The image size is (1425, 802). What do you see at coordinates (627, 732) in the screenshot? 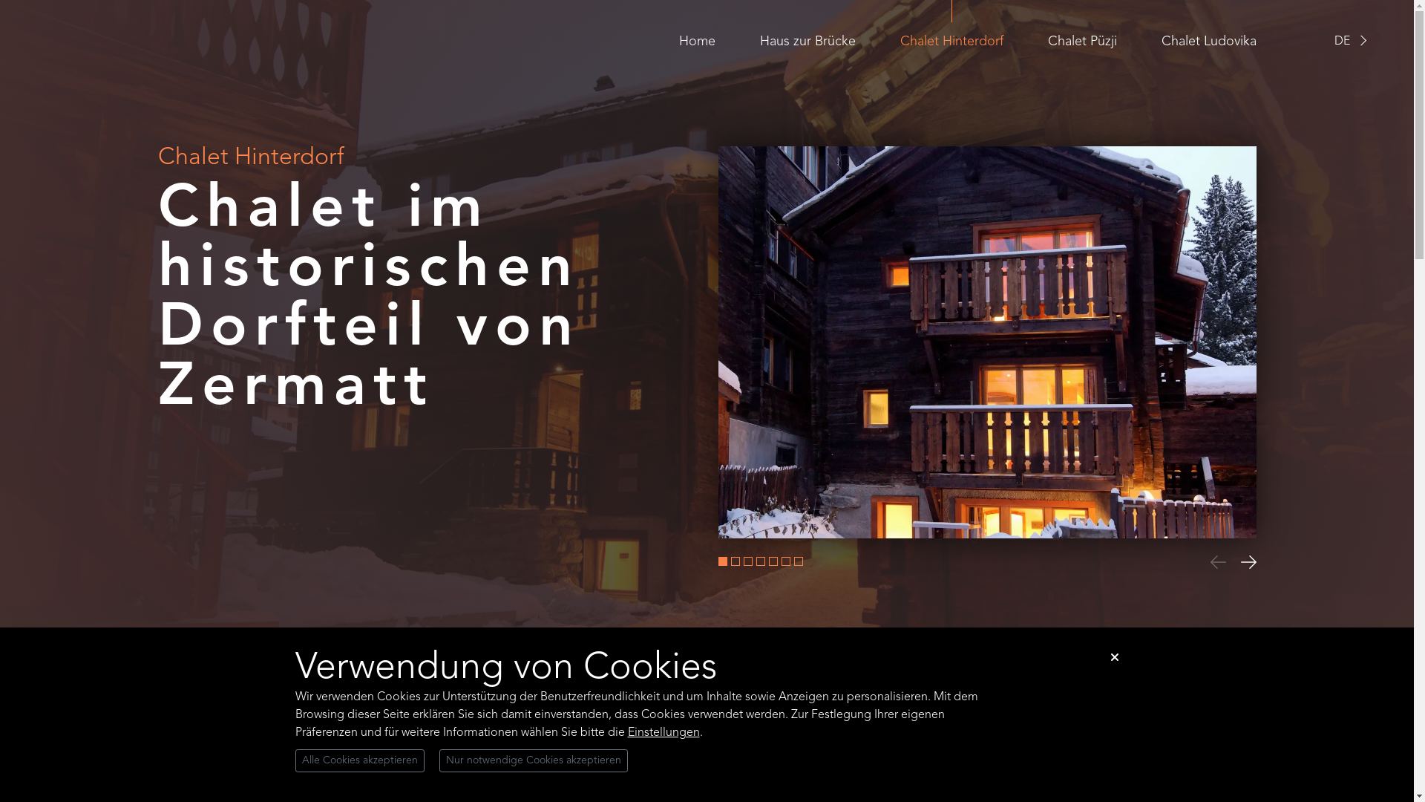
I see `'Einstellungen'` at bounding box center [627, 732].